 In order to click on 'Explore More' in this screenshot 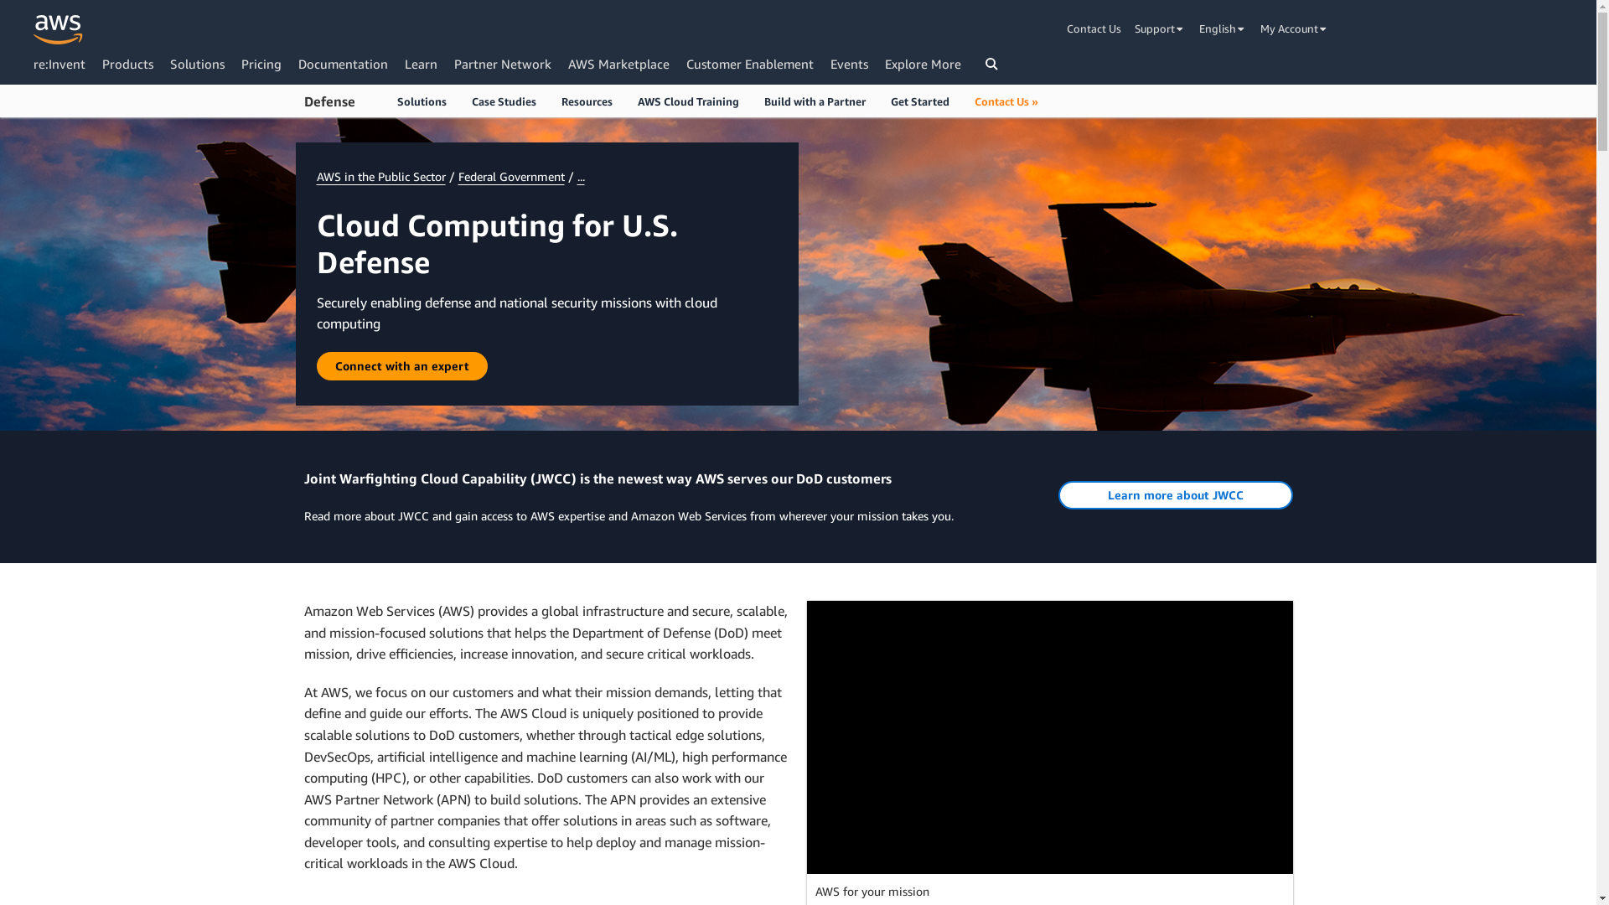, I will do `click(922, 63)`.